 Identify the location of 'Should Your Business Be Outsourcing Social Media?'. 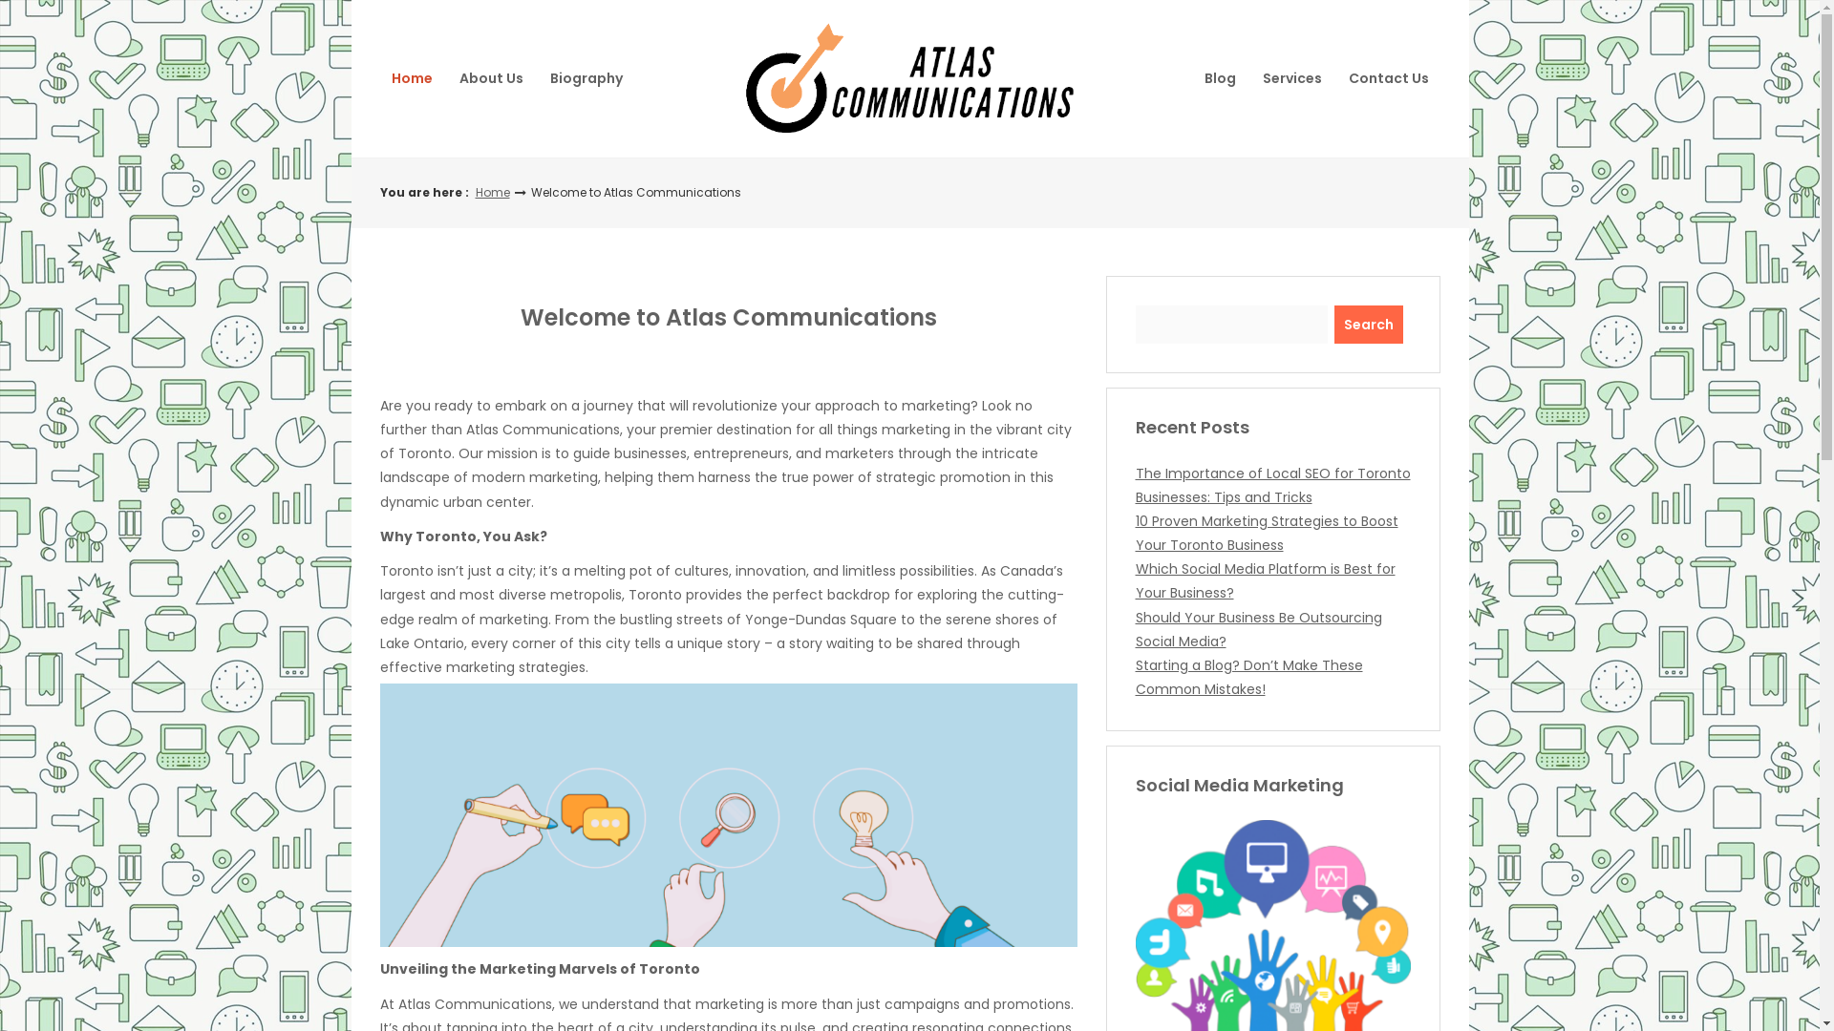
(1135, 629).